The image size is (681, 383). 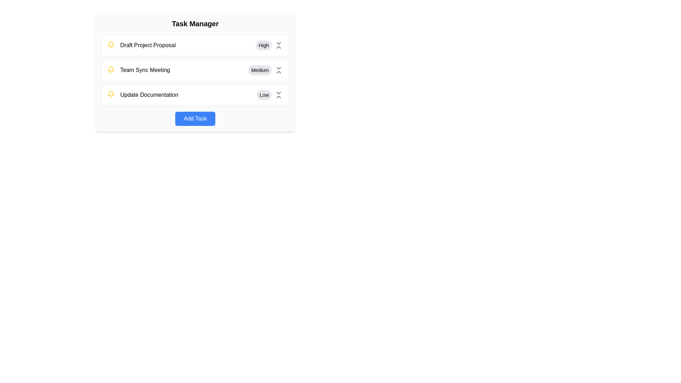 I want to click on the static text label for the task named 'Team Sync Meeting', which is positioned in the middle of the vertical list in 'Task Manager', so click(x=145, y=70).